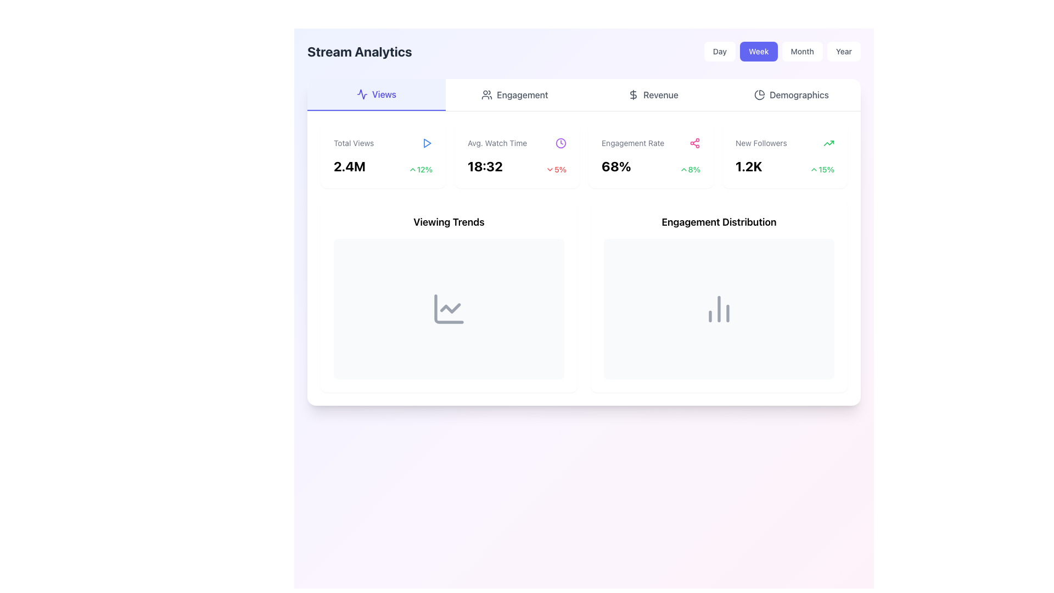 The image size is (1054, 593). Describe the element at coordinates (584, 296) in the screenshot. I see `the composite UI element containing two adjacent panels with visualizations: 'Viewing Trends' on the left and 'Engagement Distribution' on the right, both with light gray backgrounds and rounded corners` at that location.